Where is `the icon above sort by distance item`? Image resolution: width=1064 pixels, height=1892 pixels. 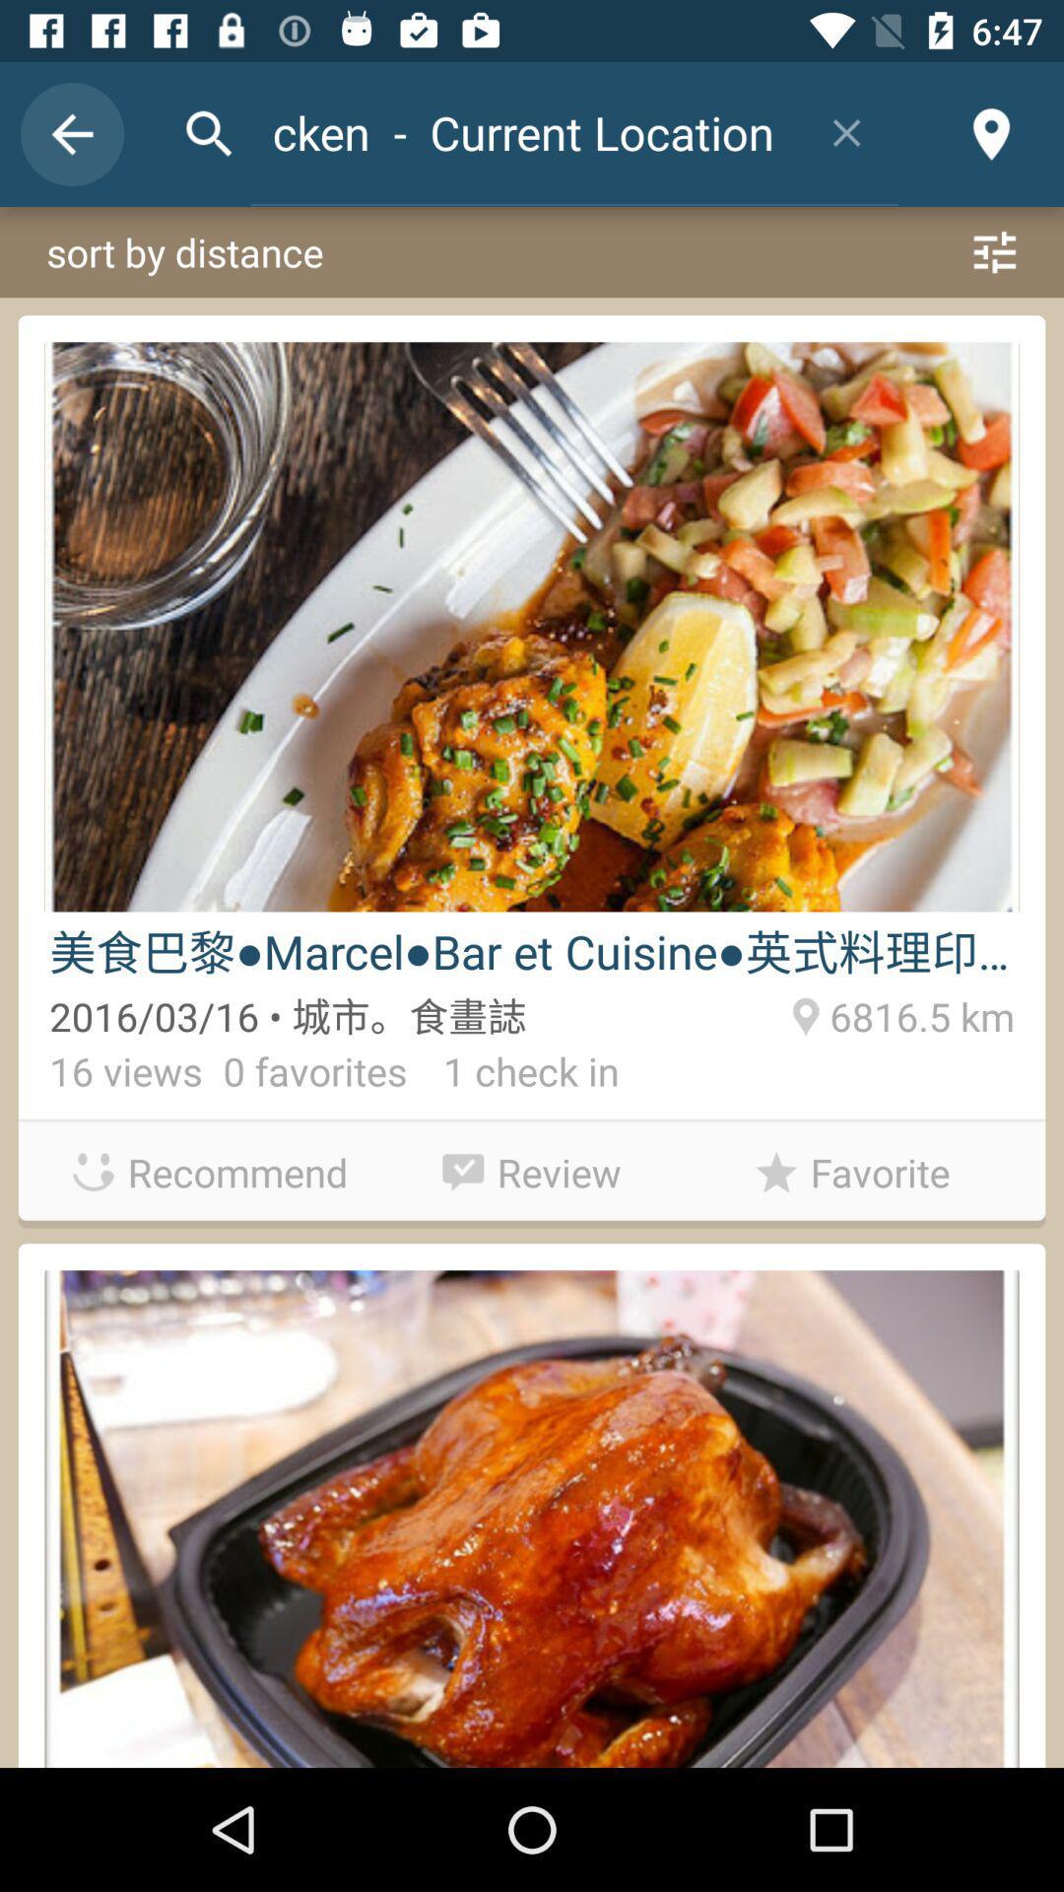 the icon above sort by distance item is located at coordinates (991, 133).